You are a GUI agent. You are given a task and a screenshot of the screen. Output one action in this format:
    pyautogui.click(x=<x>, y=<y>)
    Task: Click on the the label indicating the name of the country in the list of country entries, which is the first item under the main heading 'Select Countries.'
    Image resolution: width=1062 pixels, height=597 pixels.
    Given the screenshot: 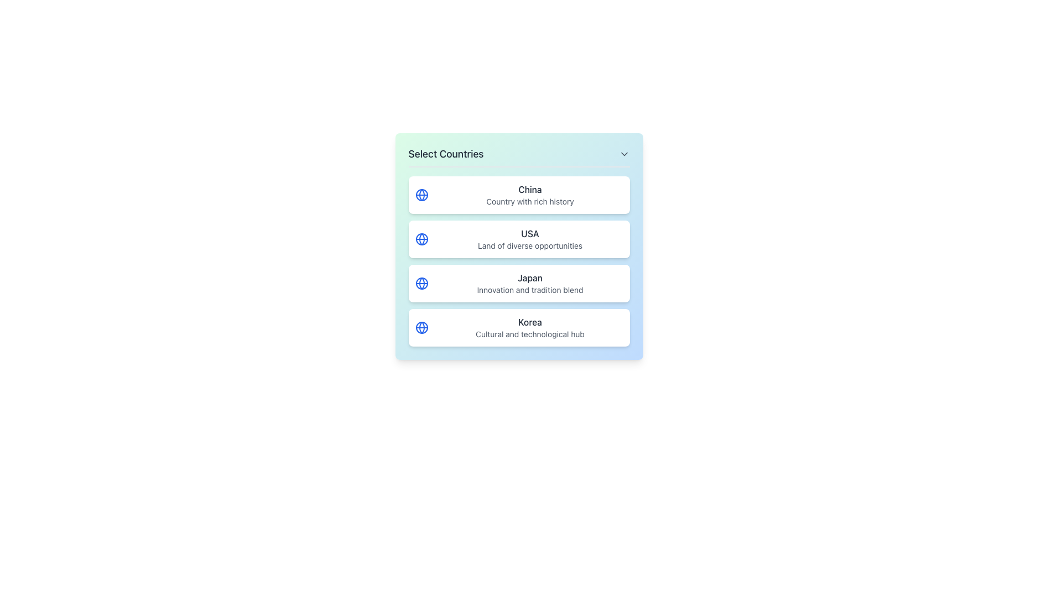 What is the action you would take?
    pyautogui.click(x=529, y=189)
    